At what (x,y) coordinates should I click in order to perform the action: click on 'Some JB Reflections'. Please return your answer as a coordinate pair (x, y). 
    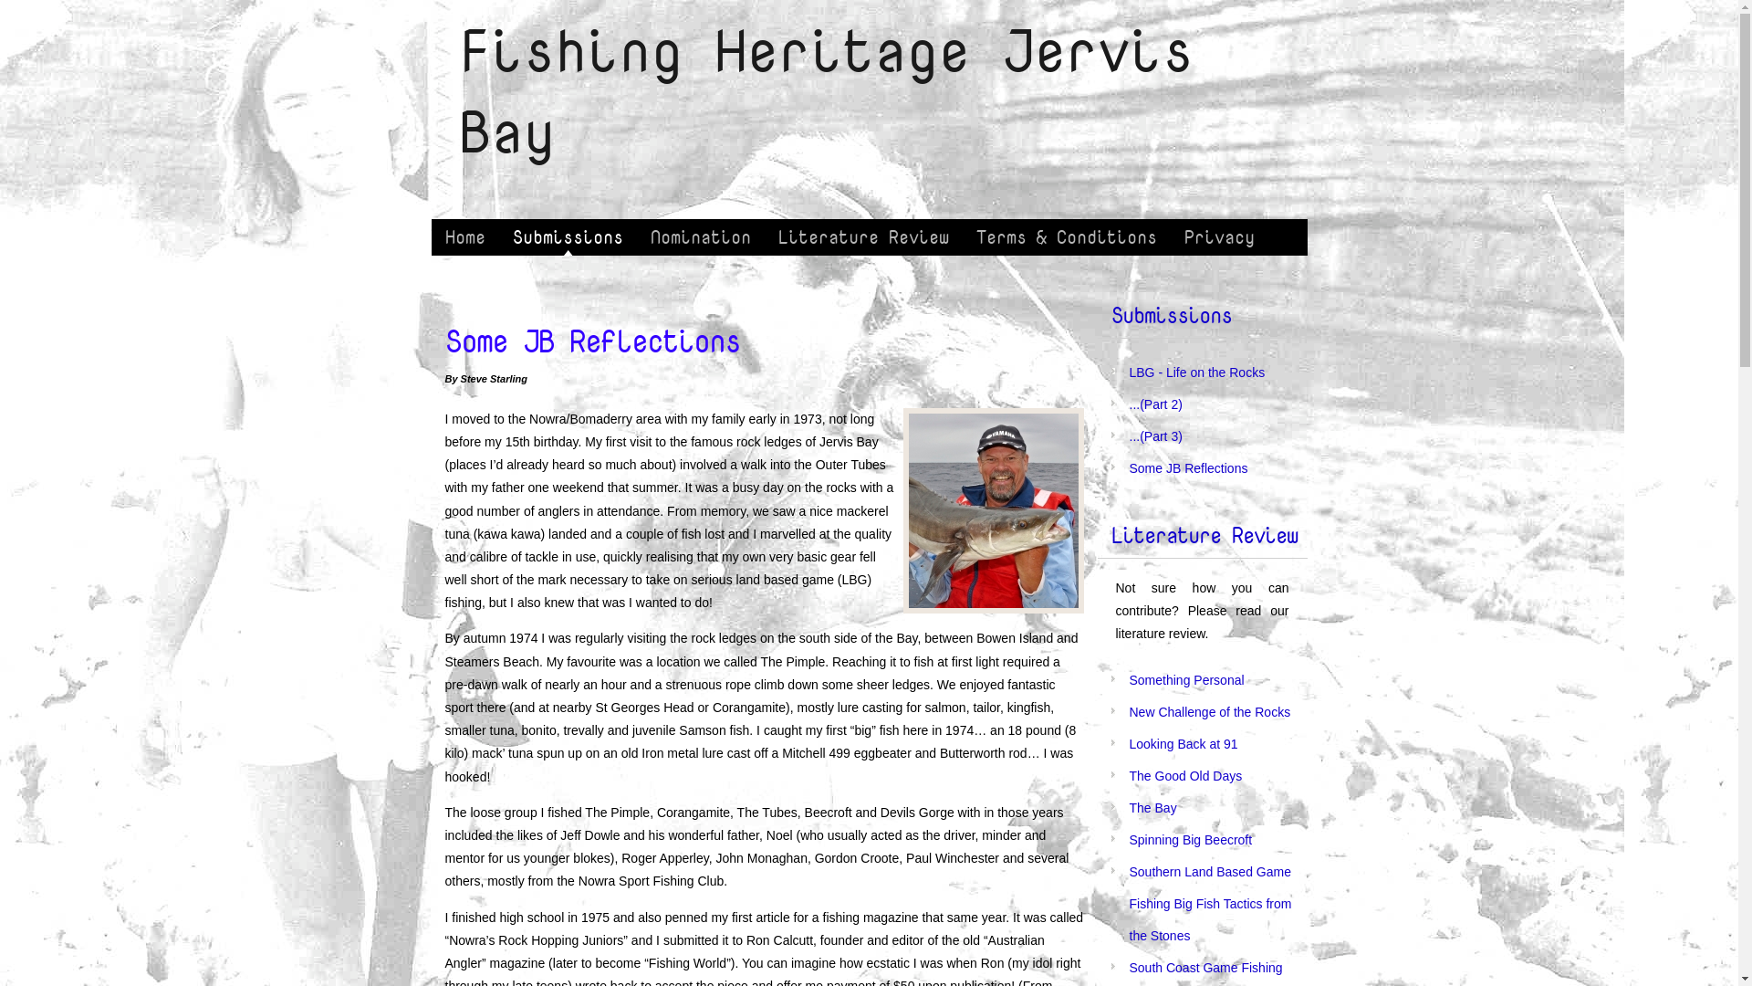
    Looking at the image, I should click on (1188, 467).